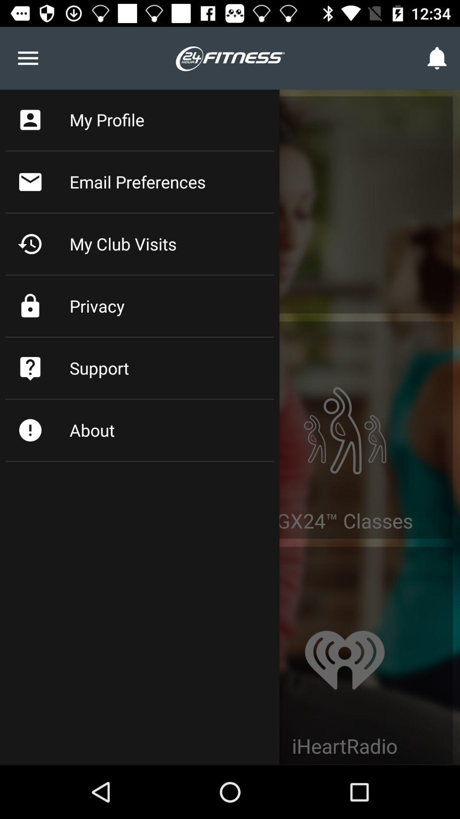  I want to click on the message icon which is just beside the email preferences, so click(30, 181).